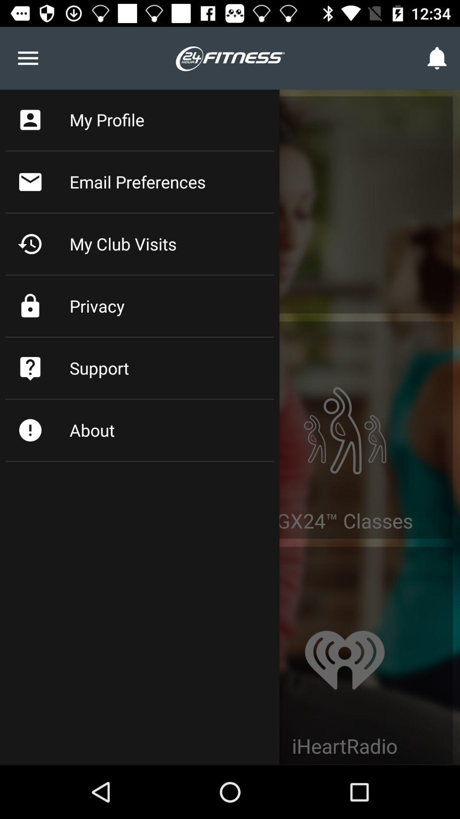  I want to click on the message icon which is just beside the email preferences, so click(30, 181).